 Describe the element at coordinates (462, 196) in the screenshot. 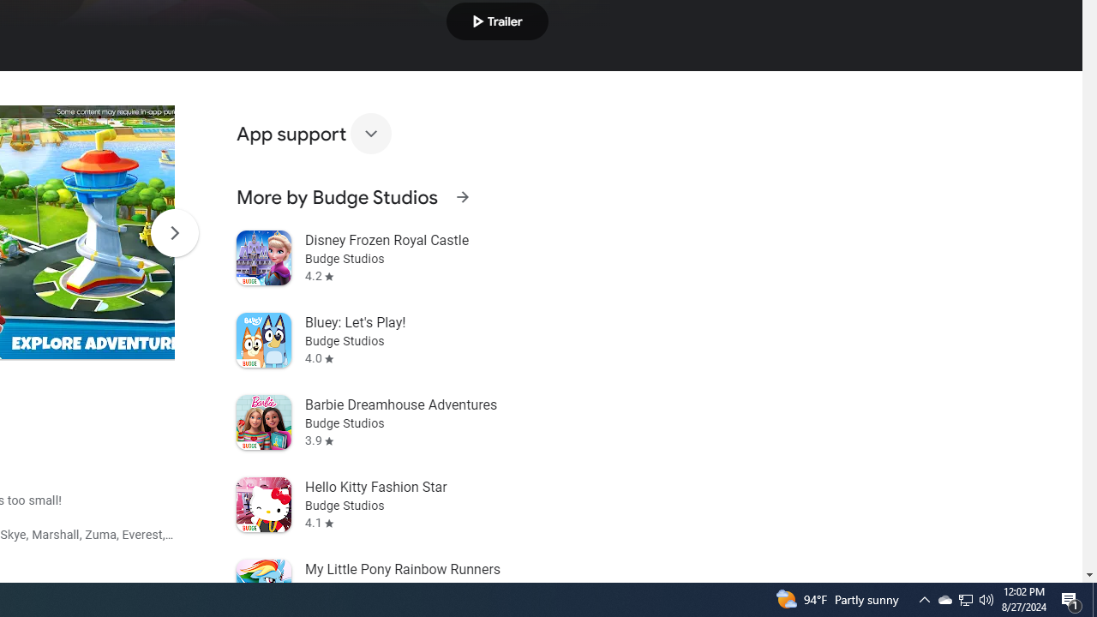

I see `'See more information on More by Budge Studios'` at that location.